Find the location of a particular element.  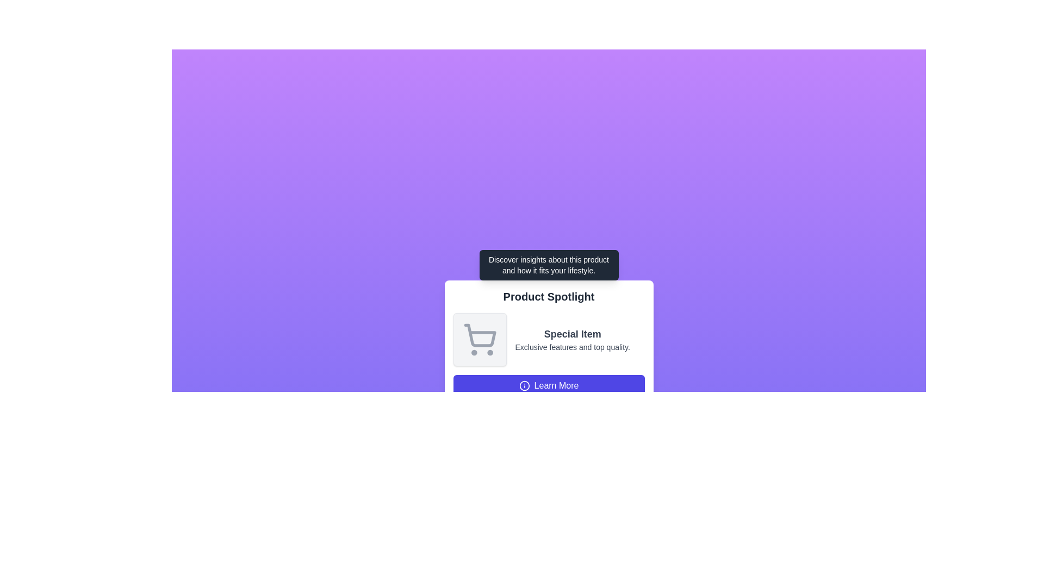

the Informational block that presents a product preview, located below the 'Product Spotlight' title and above the 'Learn More' button is located at coordinates (549, 339).